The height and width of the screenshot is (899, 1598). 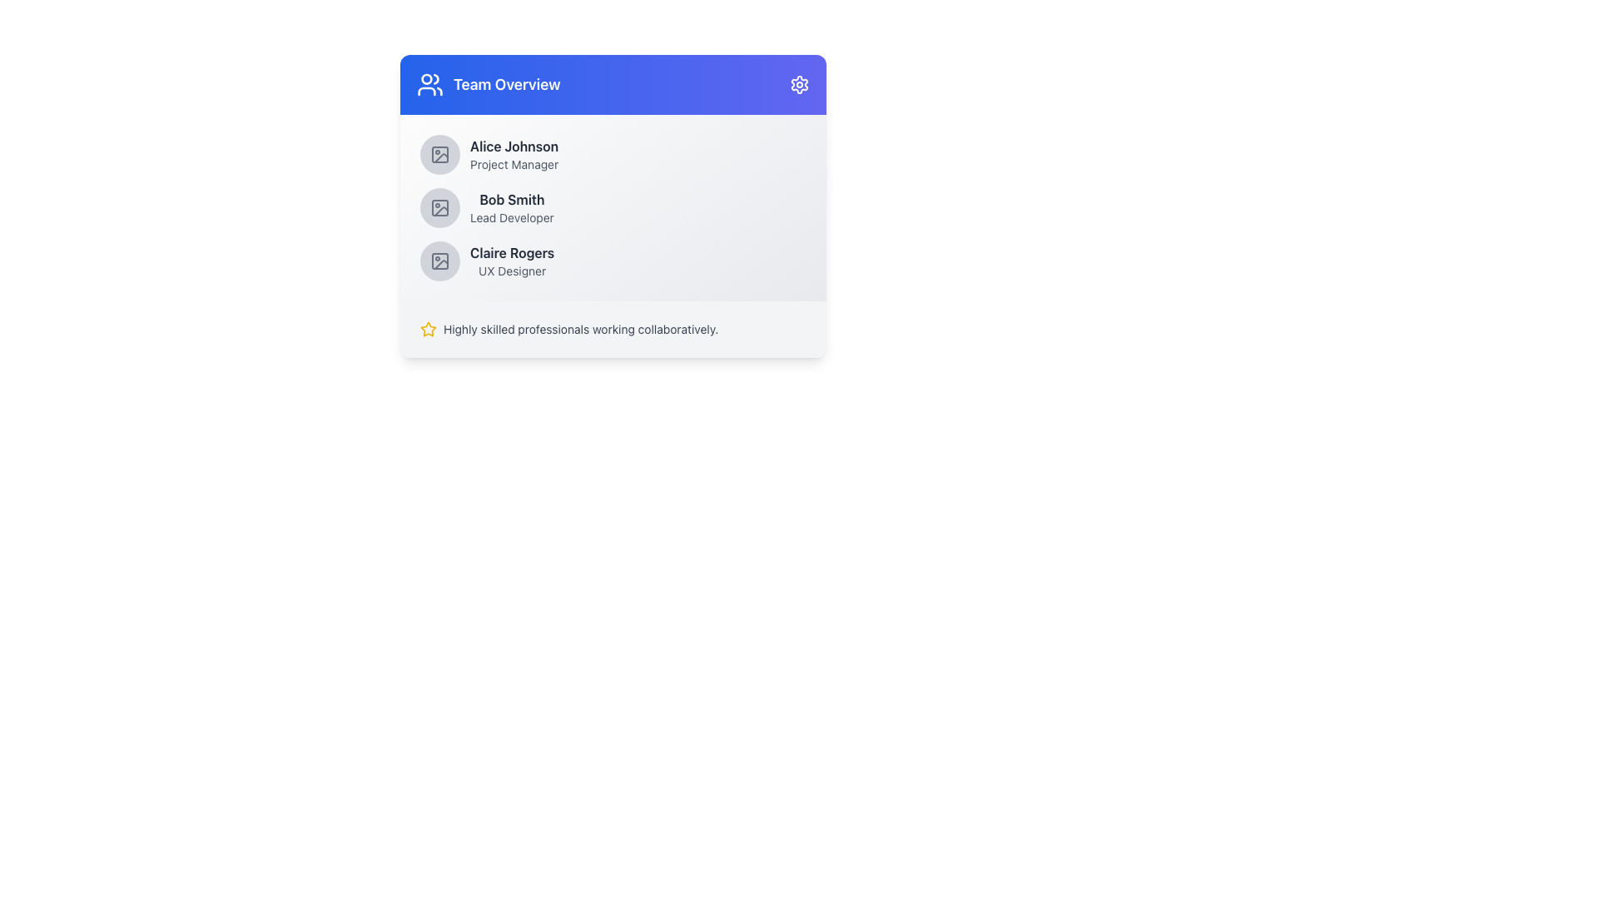 I want to click on the photo placeholder icon located to the left of 'Alice Johnson', the Project Manager, in the topmost row under 'Team Overview', so click(x=439, y=154).